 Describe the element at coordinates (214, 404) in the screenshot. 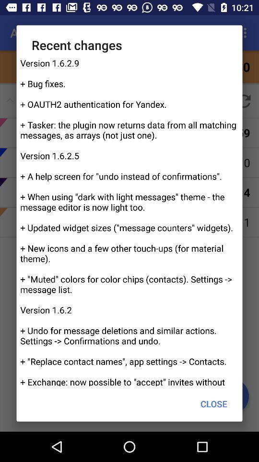

I see `the item below the version 1 6 icon` at that location.